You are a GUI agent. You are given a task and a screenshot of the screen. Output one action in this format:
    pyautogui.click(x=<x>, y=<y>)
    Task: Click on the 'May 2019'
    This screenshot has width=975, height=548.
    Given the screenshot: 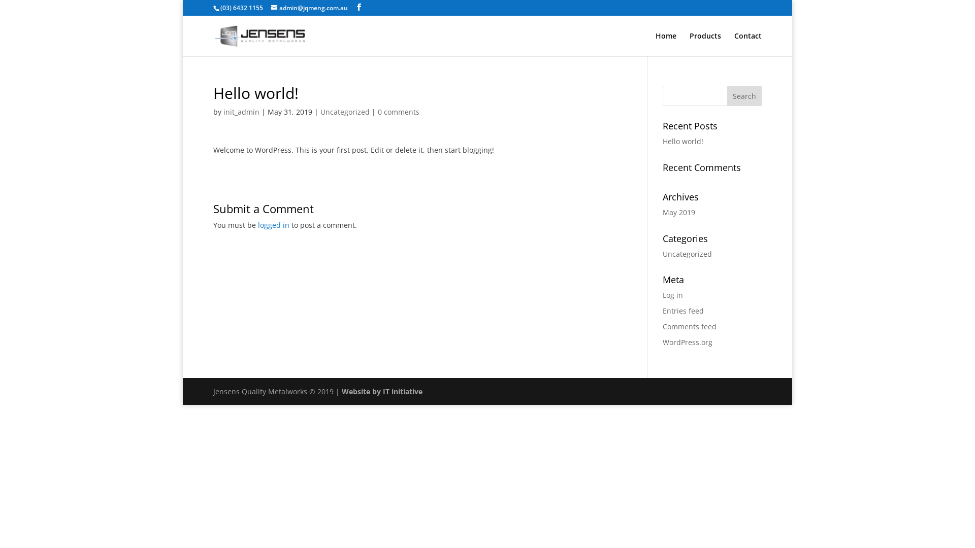 What is the action you would take?
    pyautogui.click(x=679, y=212)
    